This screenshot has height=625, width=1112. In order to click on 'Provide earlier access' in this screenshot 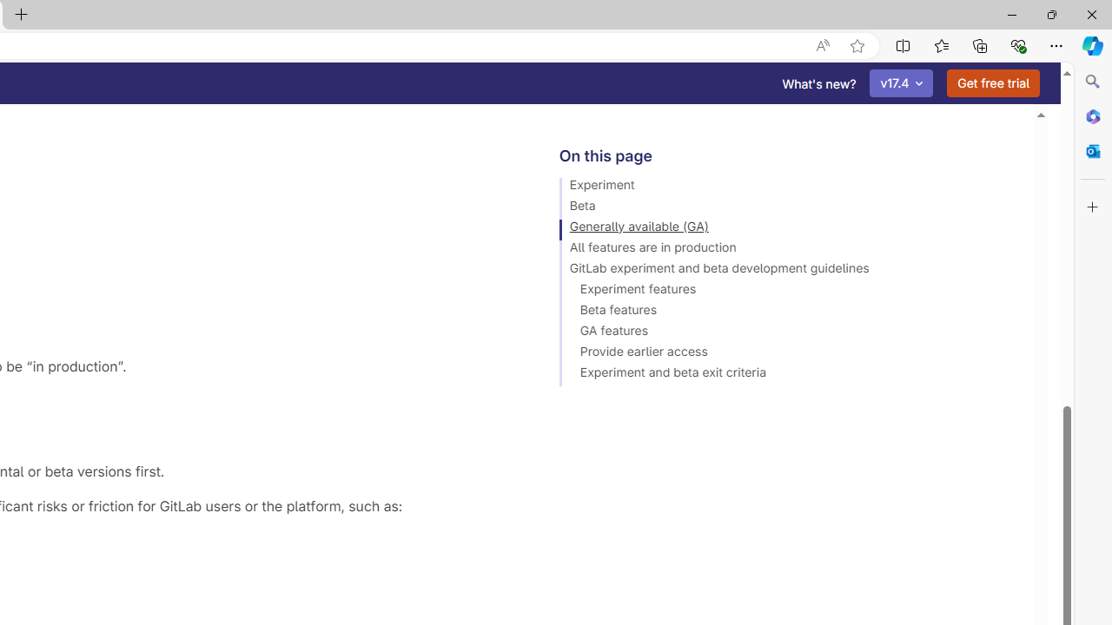, I will do `click(788, 353)`.